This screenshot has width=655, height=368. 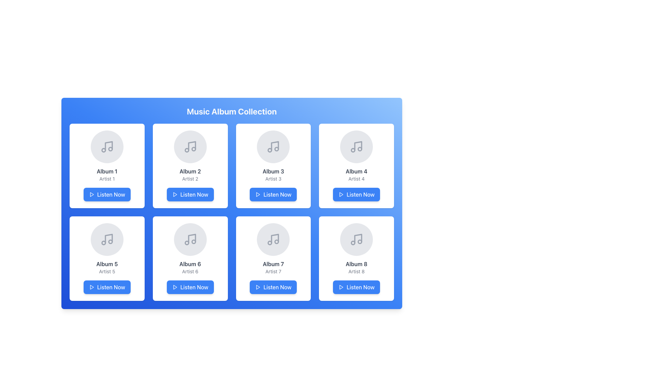 What do you see at coordinates (356, 178) in the screenshot?
I see `the text label displaying the name of the artist associated with 'Album 4' in the fourth card of the music albums grid layout` at bounding box center [356, 178].